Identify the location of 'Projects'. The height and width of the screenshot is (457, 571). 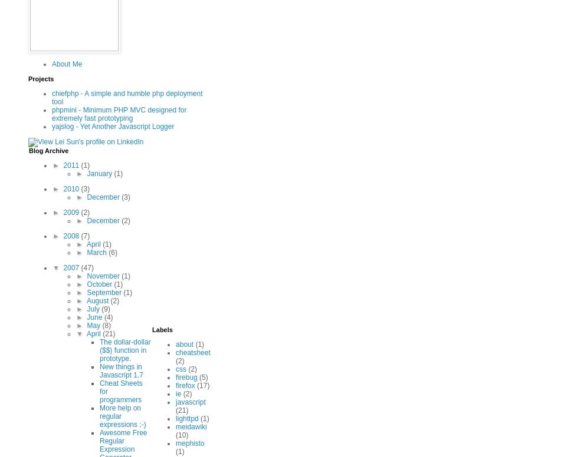
(40, 78).